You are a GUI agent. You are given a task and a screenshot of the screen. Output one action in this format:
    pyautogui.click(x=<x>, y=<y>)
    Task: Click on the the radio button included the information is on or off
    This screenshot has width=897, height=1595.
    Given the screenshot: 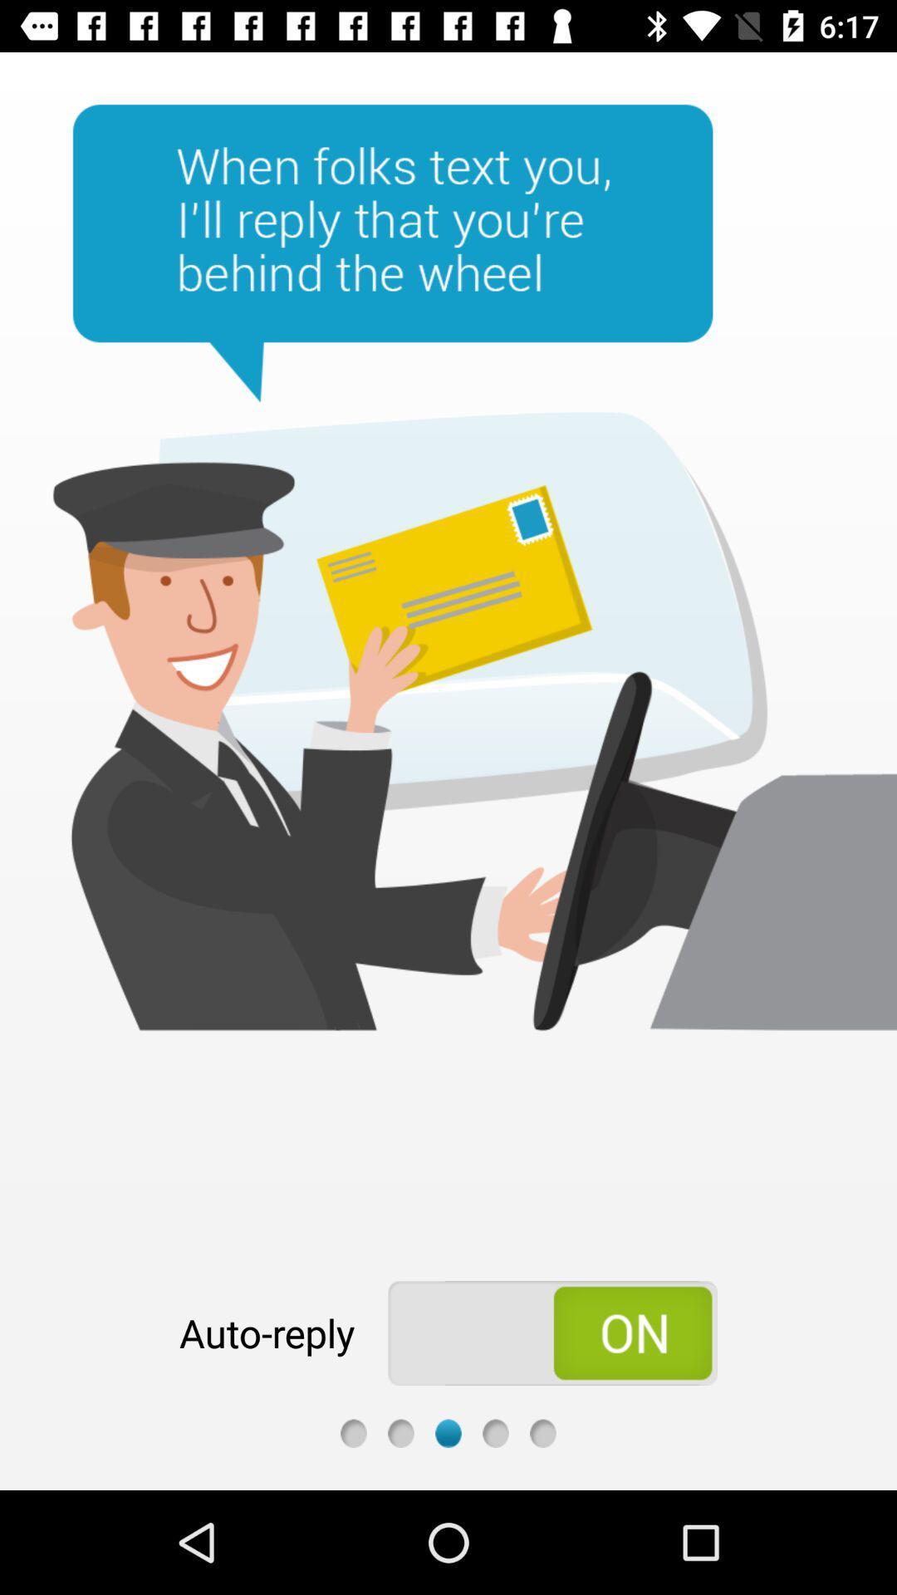 What is the action you would take?
    pyautogui.click(x=552, y=1332)
    